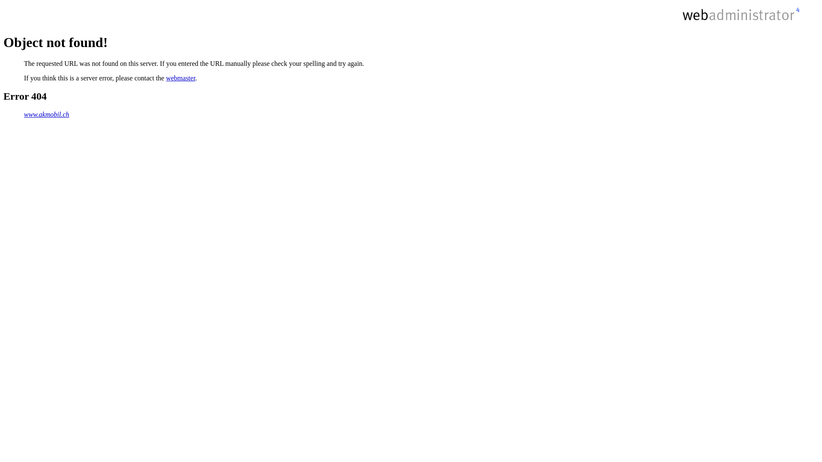 The width and height of the screenshot is (822, 462). What do you see at coordinates (180, 78) in the screenshot?
I see `'webmaster'` at bounding box center [180, 78].